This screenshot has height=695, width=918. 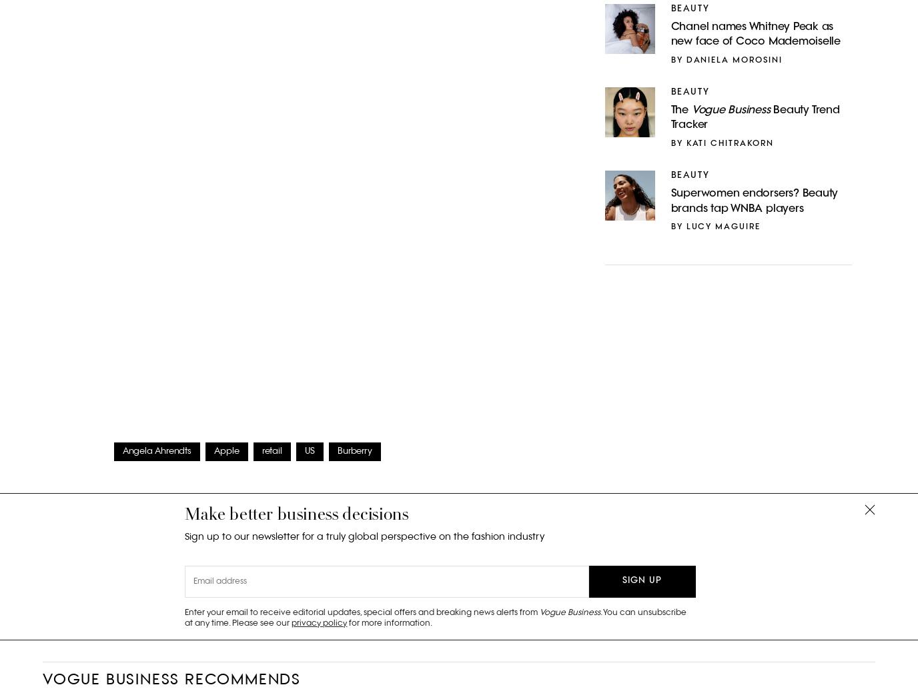 What do you see at coordinates (318, 622) in the screenshot?
I see `'privacy policy'` at bounding box center [318, 622].